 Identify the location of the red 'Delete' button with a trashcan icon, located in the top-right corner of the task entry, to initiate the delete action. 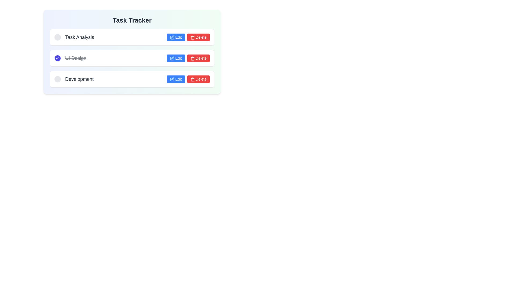
(198, 37).